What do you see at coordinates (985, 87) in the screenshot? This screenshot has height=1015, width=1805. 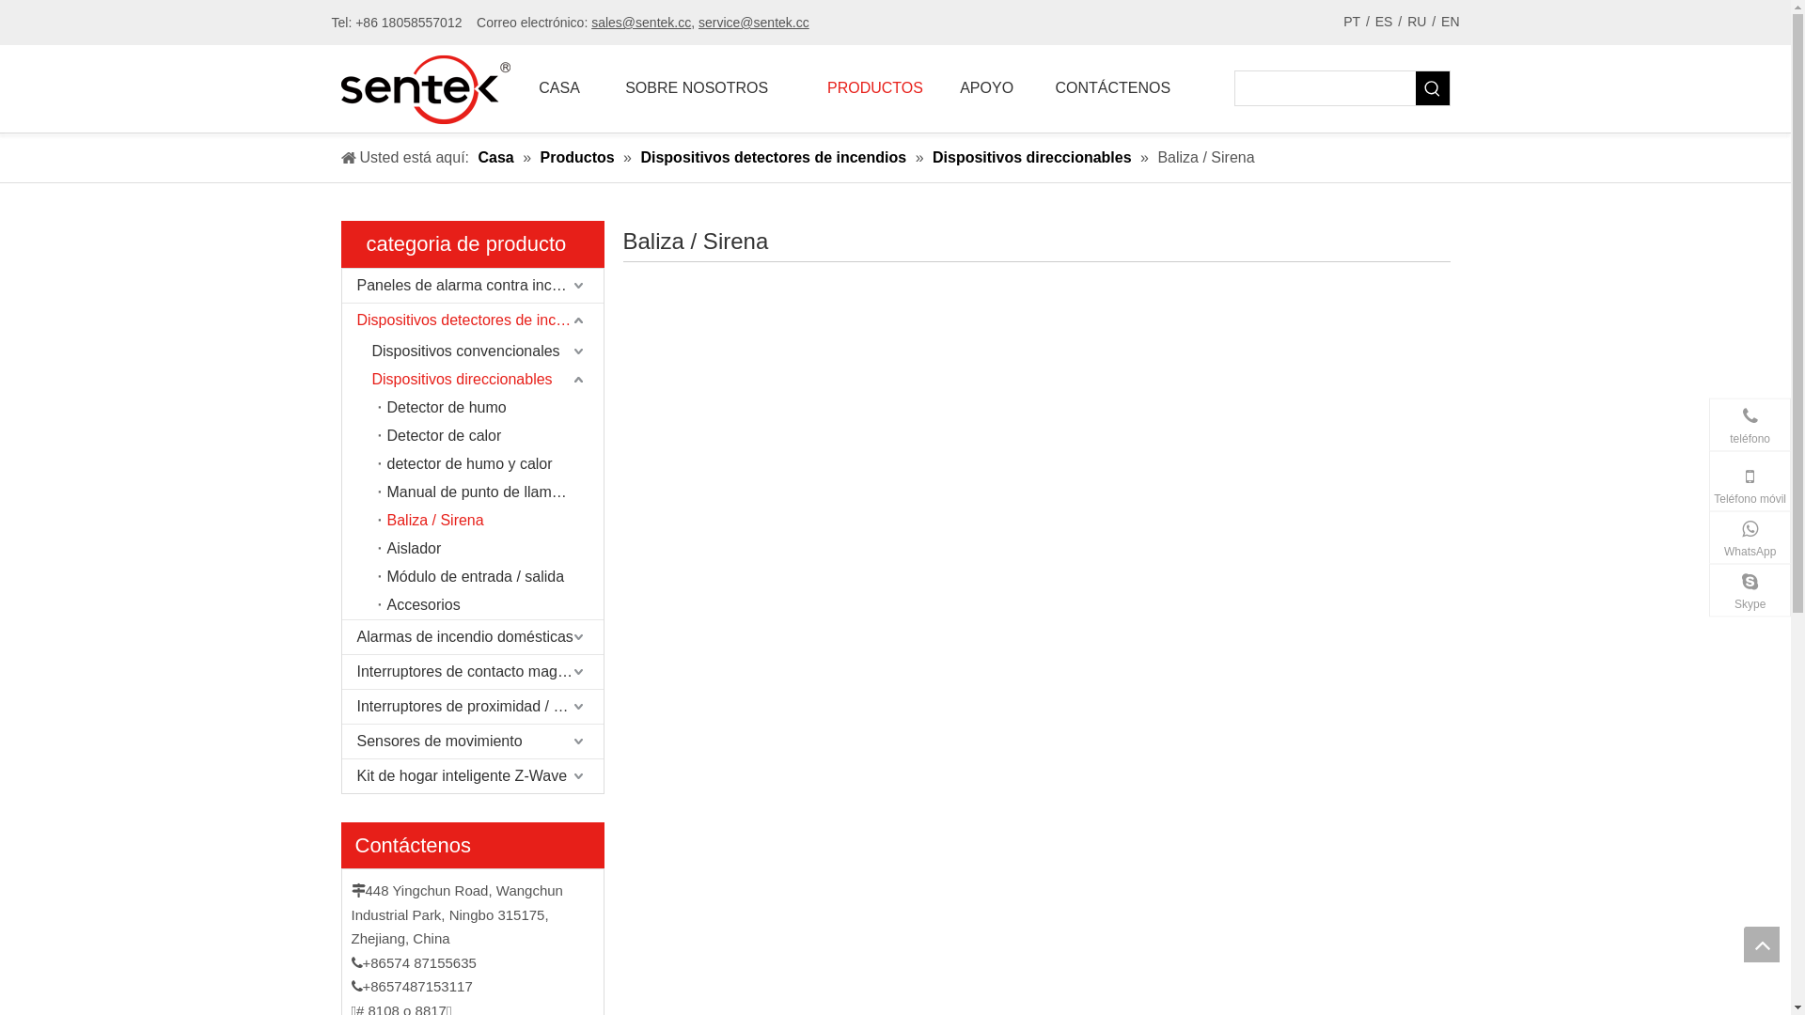 I see `'APOYO'` at bounding box center [985, 87].